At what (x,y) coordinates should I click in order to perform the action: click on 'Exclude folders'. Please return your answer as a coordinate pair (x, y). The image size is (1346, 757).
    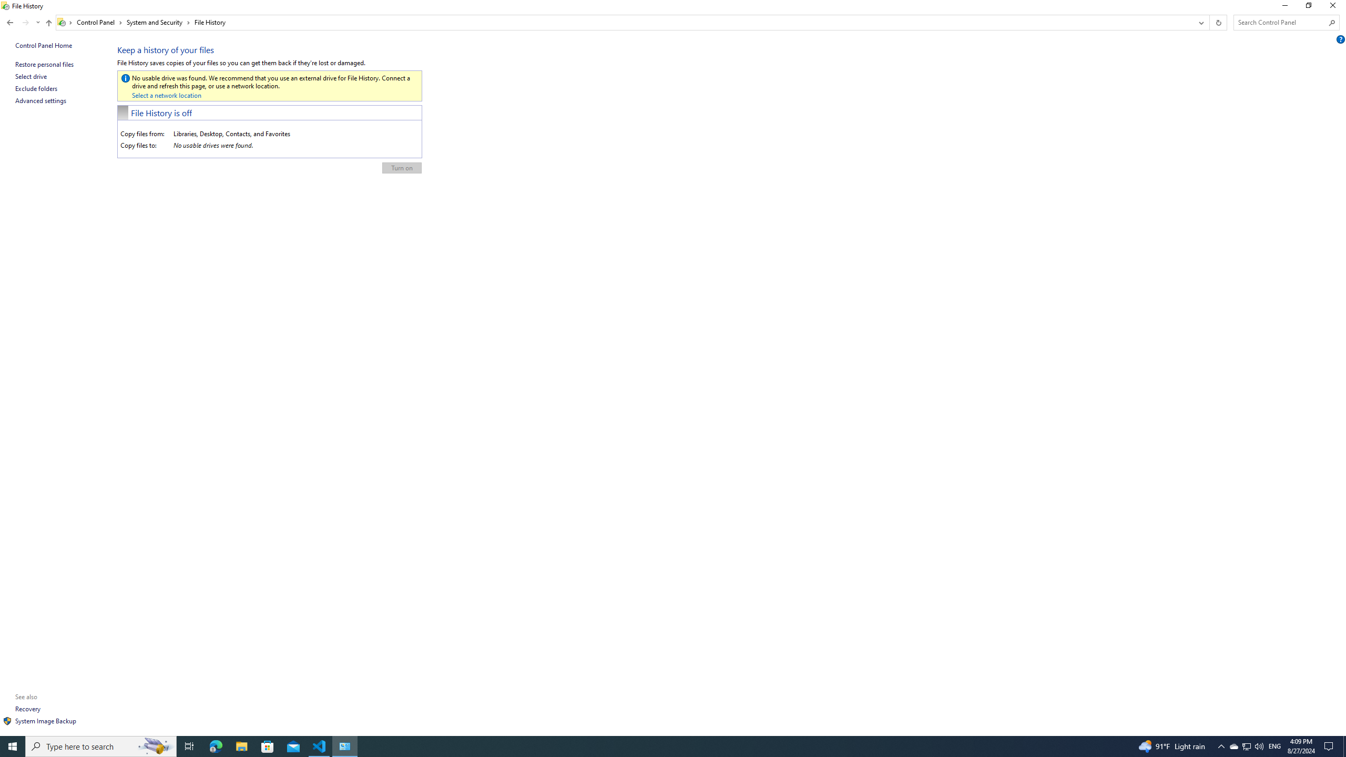
    Looking at the image, I should click on (36, 88).